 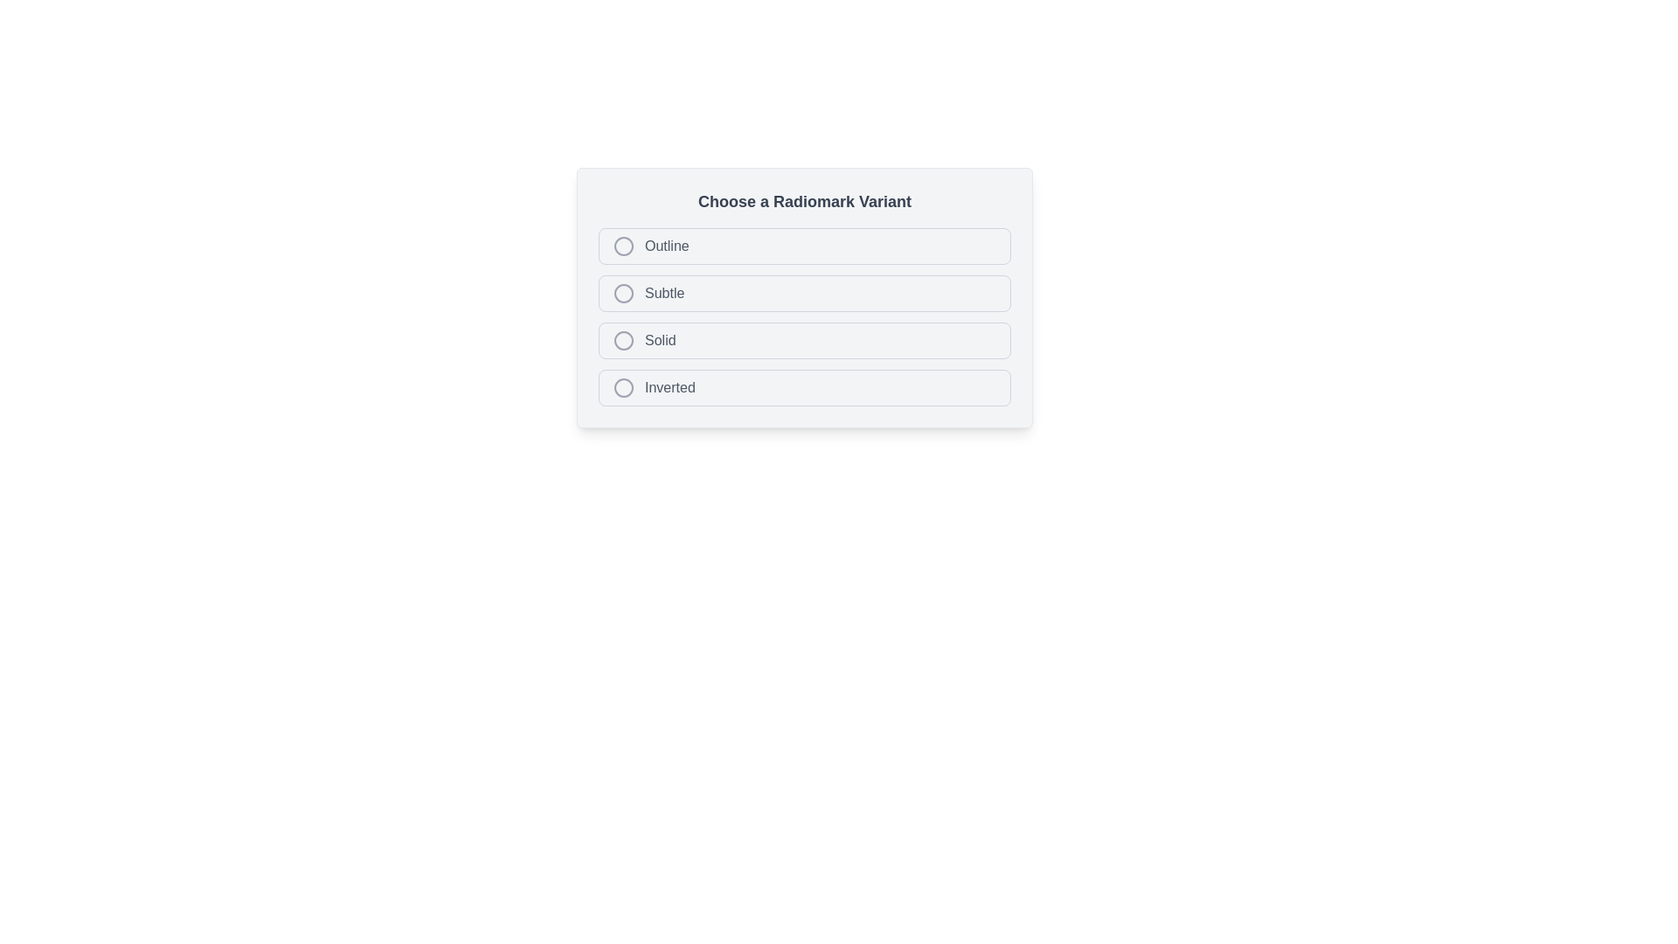 What do you see at coordinates (624, 292) in the screenshot?
I see `the circular radiomark selection indicator located on the left side of the 'Subtle' text in the second option of a vertically stacked list of options` at bounding box center [624, 292].